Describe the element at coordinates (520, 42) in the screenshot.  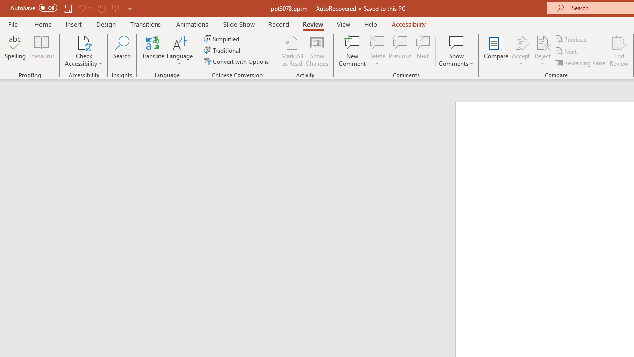
I see `'Accept Change'` at that location.